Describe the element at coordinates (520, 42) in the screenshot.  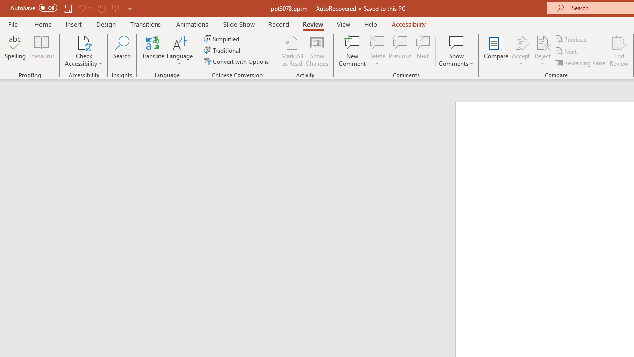
I see `'Accept Change'` at that location.